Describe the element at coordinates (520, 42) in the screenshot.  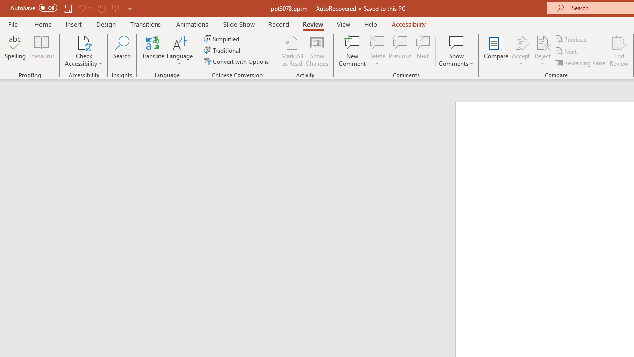
I see `'Accept Change'` at that location.